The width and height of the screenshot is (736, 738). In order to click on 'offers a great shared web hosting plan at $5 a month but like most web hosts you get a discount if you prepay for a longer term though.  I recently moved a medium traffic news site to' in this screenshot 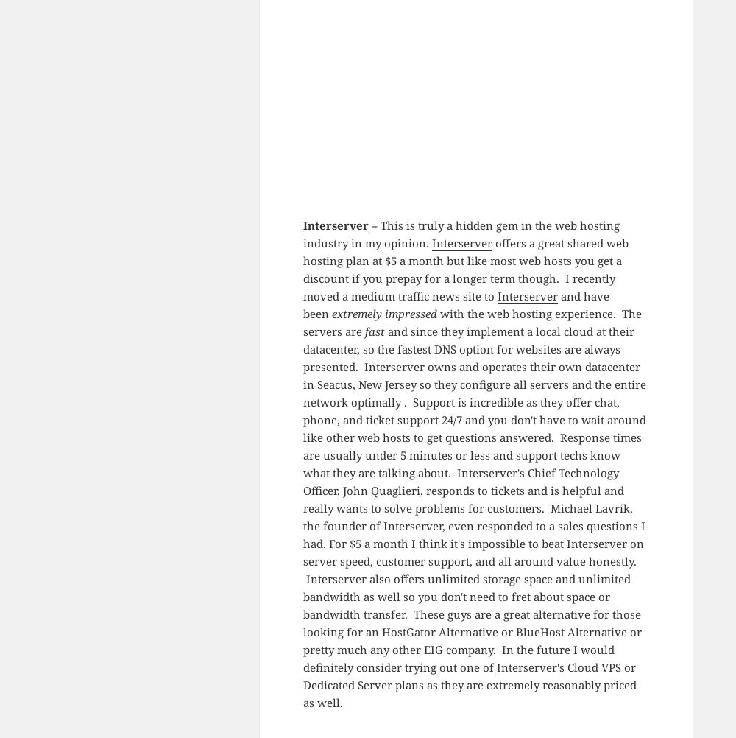, I will do `click(302, 269)`.